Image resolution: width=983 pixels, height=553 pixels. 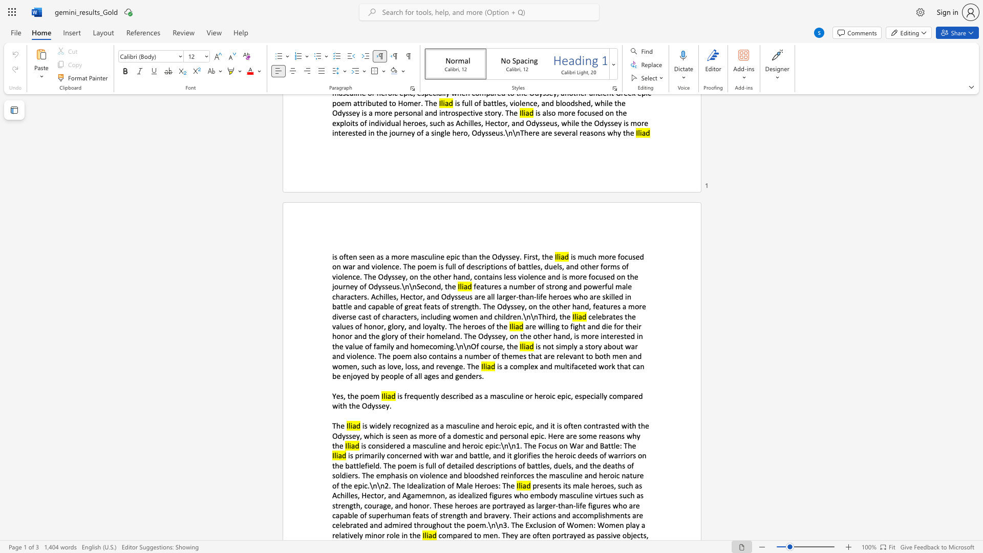 I want to click on the subset text "f Women: Women play a rel" within the text "presents its male heroes, such as Achilles, Hector, and Agamemnon, as idealized figures who embody masculine virtues such as strength, courage, and honor. These heroes are portrayed as larger-than-life figures who are capable of superhuman feats of strength and bravery. Their actions and accomplishments are celebrated and admired throughout the poem.\n\n3. The Exclusion of Women: Women play a relatively minor role in the", so click(x=562, y=525).